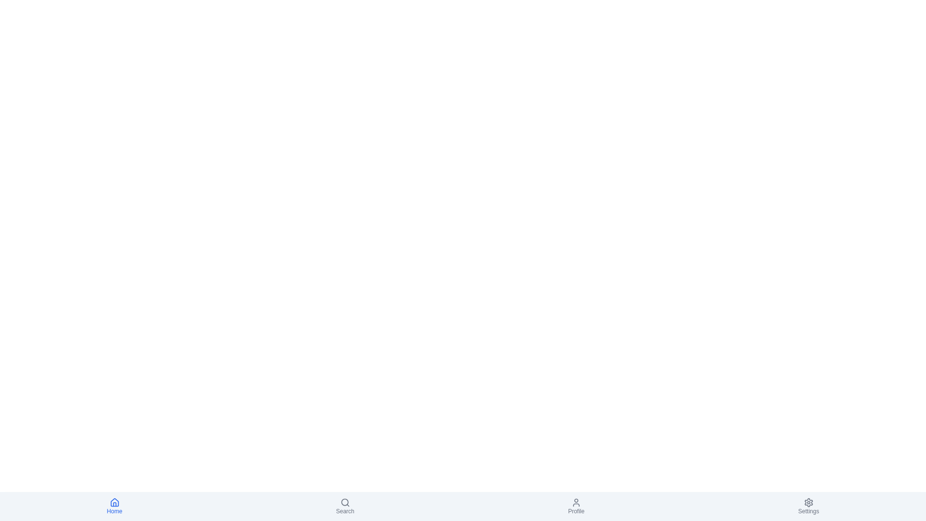 The height and width of the screenshot is (521, 926). I want to click on the text label displaying 'Home', which is located centrally below the house icon in the bottom navigation bar, so click(114, 511).